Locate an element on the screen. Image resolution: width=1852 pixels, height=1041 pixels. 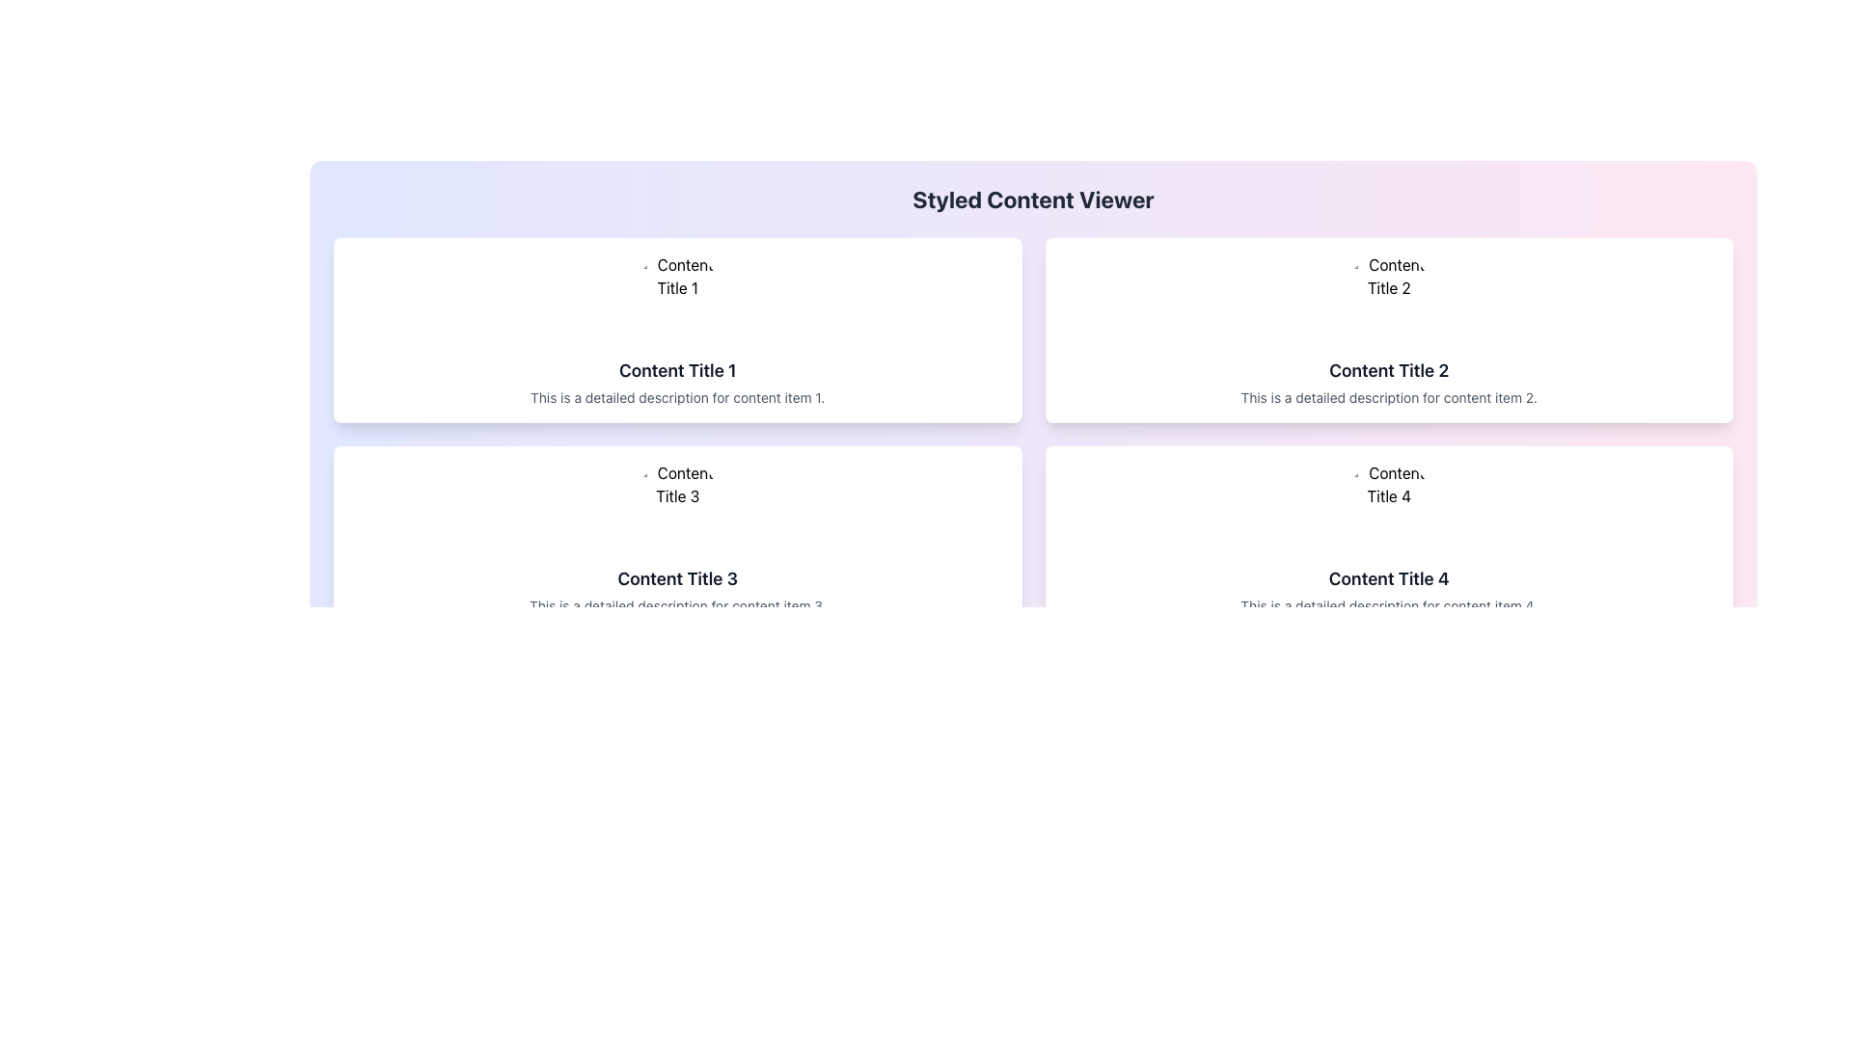
the title text located centrally within the lower-right card of a four-card grid layout is located at coordinates (1389, 578).